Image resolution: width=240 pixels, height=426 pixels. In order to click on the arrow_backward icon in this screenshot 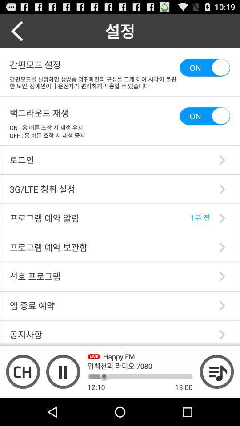, I will do `click(17, 33)`.